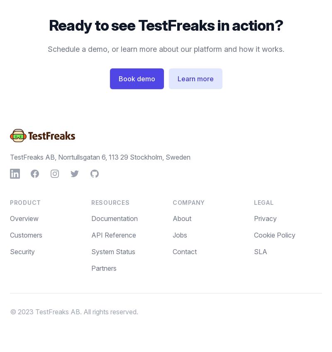 The width and height of the screenshot is (332, 352). What do you see at coordinates (261, 251) in the screenshot?
I see `'SLA'` at bounding box center [261, 251].